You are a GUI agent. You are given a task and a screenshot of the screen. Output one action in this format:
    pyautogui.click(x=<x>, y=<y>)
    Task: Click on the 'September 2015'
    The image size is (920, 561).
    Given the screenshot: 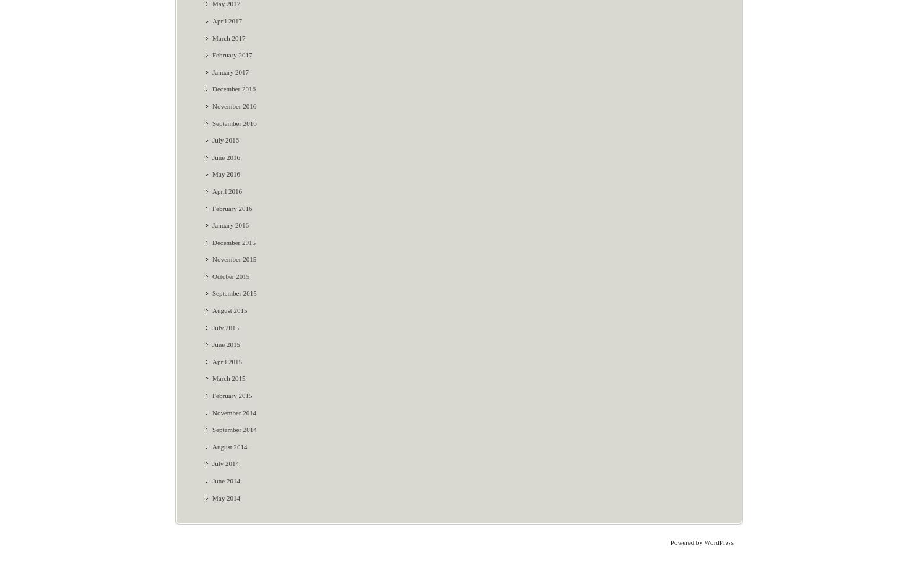 What is the action you would take?
    pyautogui.click(x=212, y=293)
    